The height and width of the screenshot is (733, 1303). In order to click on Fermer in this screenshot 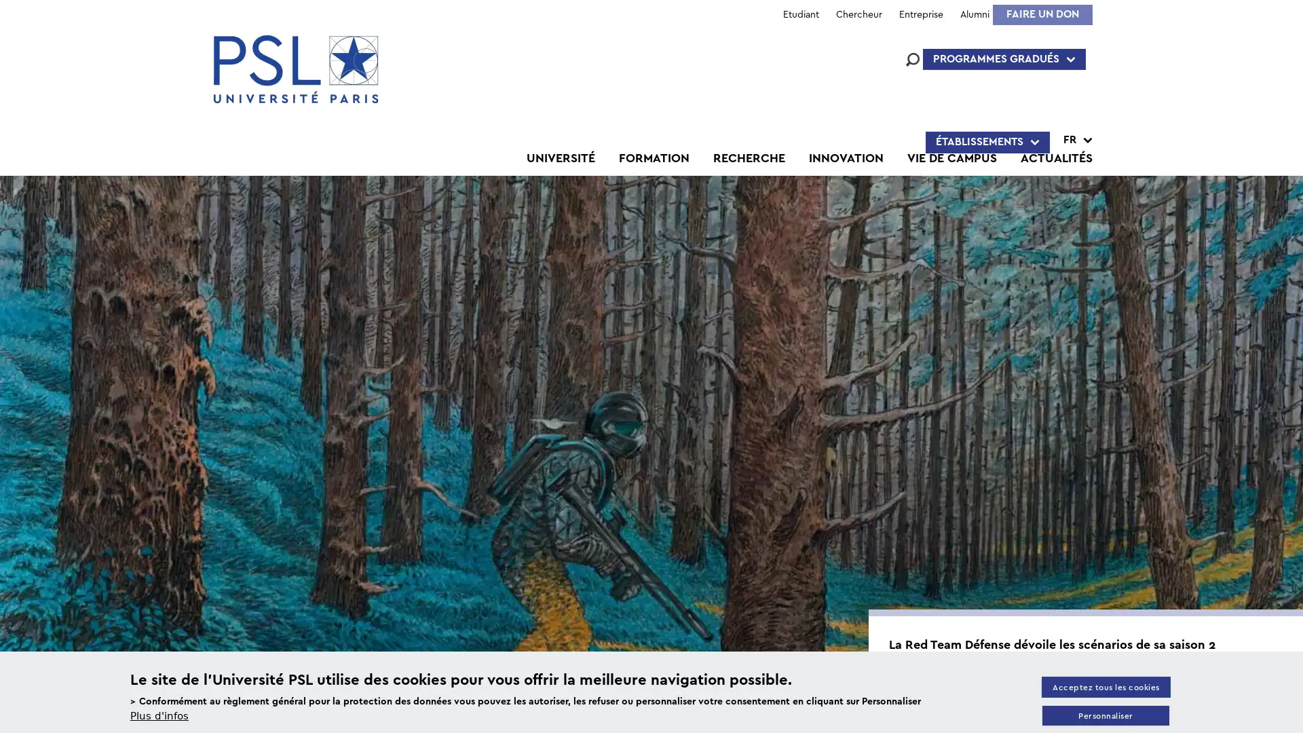, I will do `click(1286, 132)`.